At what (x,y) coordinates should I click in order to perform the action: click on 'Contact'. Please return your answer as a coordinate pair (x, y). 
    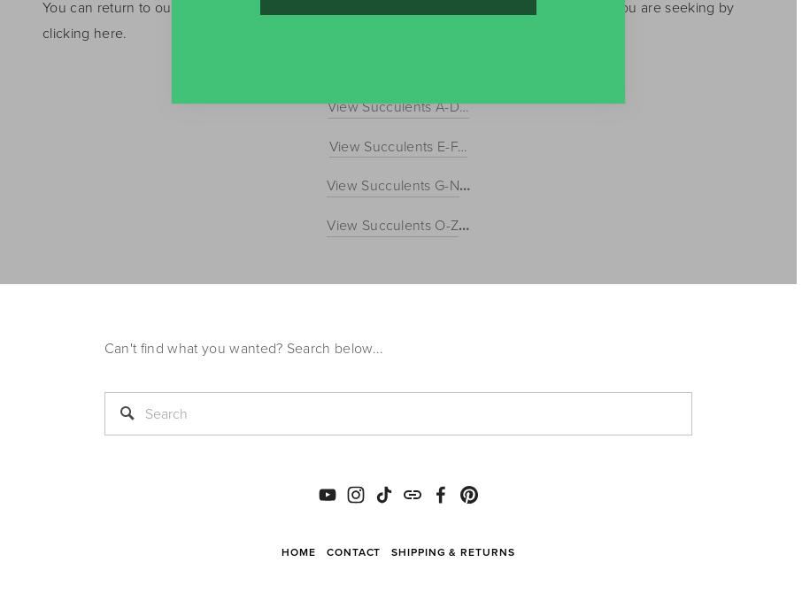
    Looking at the image, I should click on (326, 551).